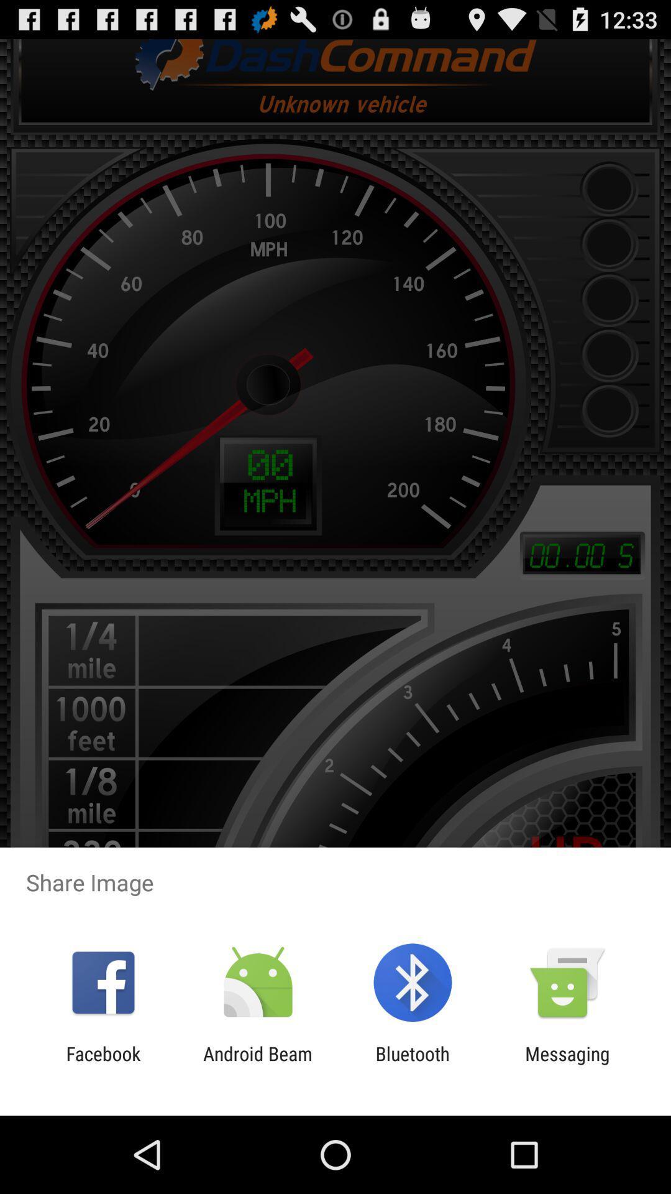 This screenshot has width=671, height=1194. I want to click on the app next to the facebook item, so click(257, 1064).